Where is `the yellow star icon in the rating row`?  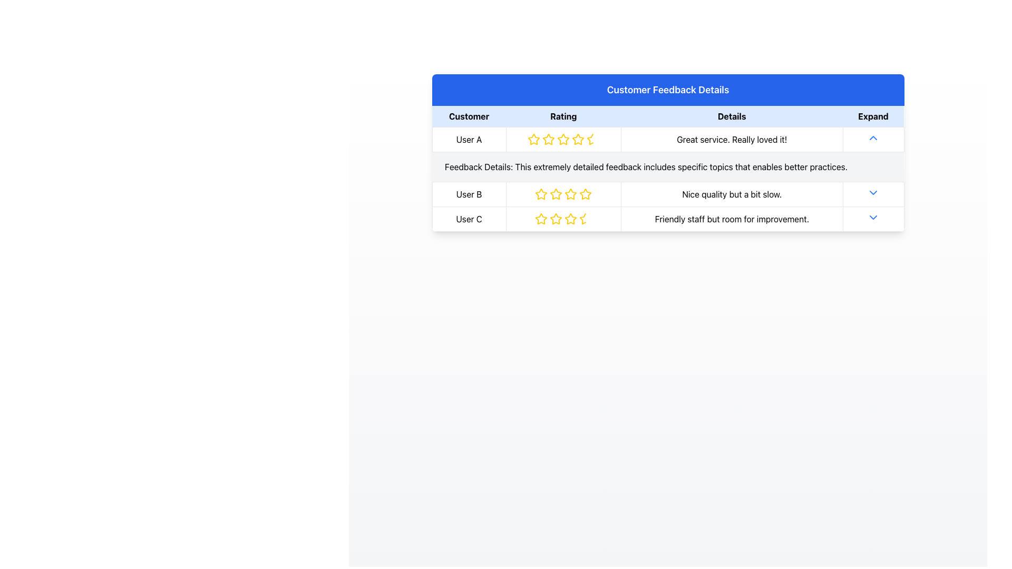
the yellow star icon in the rating row is located at coordinates (533, 138).